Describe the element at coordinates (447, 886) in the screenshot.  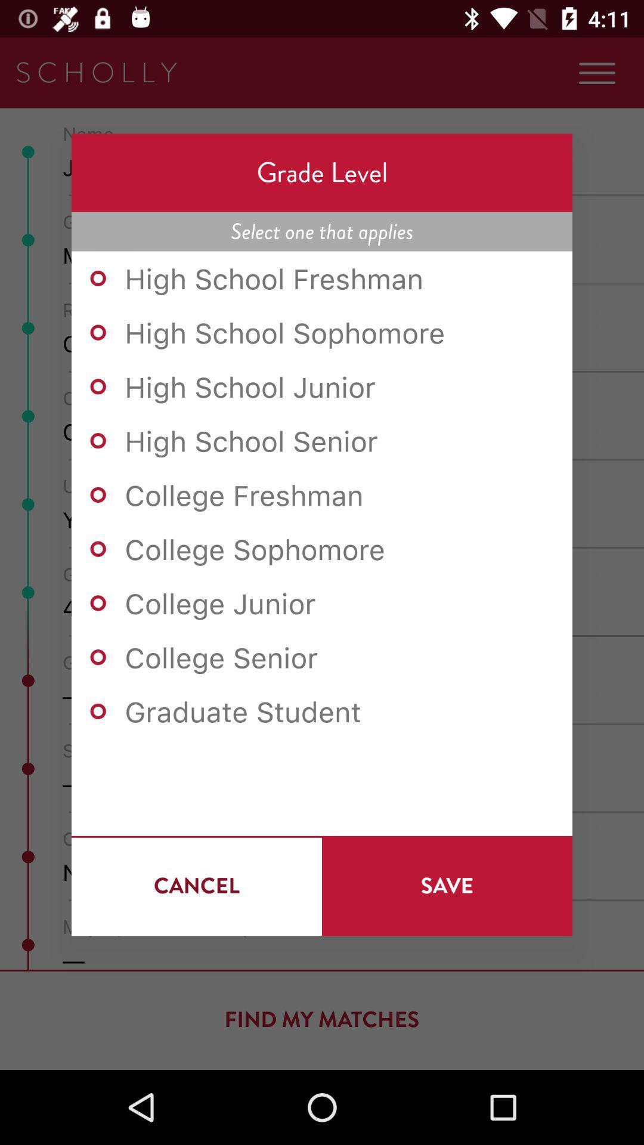
I see `the item below graduate student item` at that location.